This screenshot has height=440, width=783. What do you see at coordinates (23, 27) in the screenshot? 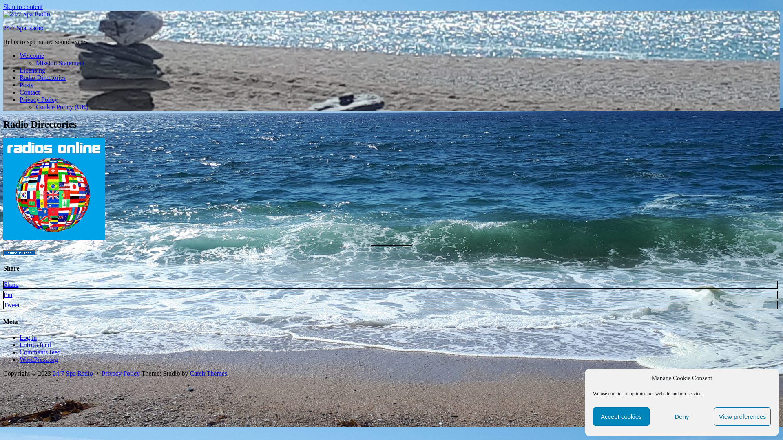
I see `'24/7 Spa Radio'` at bounding box center [23, 27].